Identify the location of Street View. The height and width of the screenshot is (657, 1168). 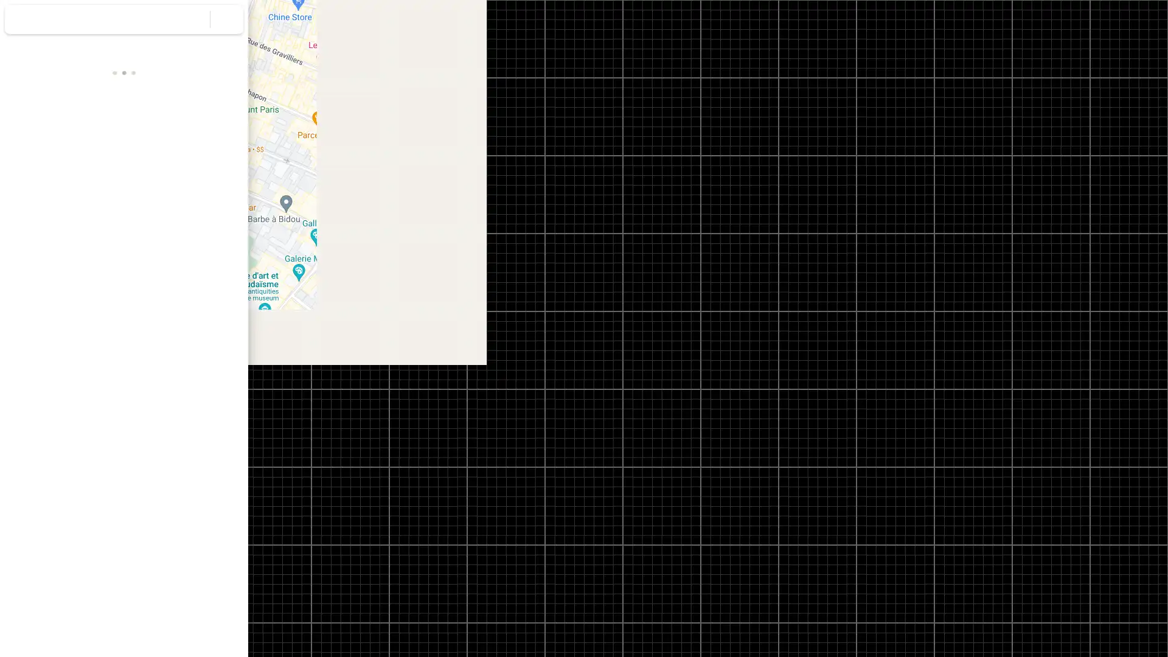
(124, 446).